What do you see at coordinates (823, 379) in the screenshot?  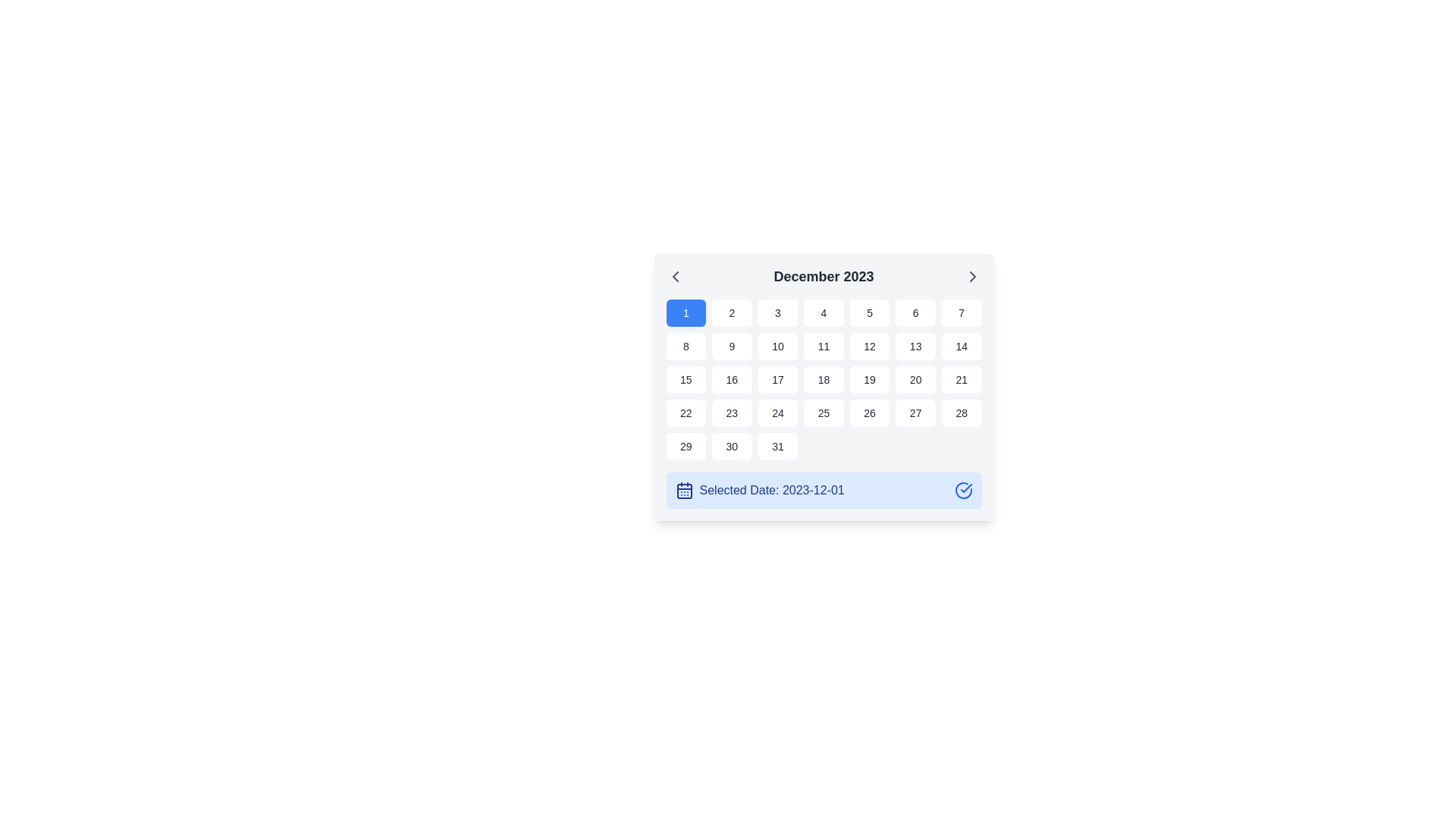 I see `an individual date box within the Calendar Date Selector Grid` at bounding box center [823, 379].